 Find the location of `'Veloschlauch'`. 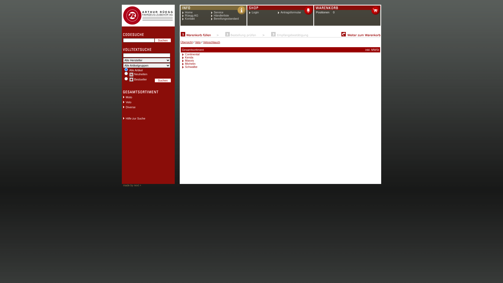

'Veloschlauch' is located at coordinates (211, 42).